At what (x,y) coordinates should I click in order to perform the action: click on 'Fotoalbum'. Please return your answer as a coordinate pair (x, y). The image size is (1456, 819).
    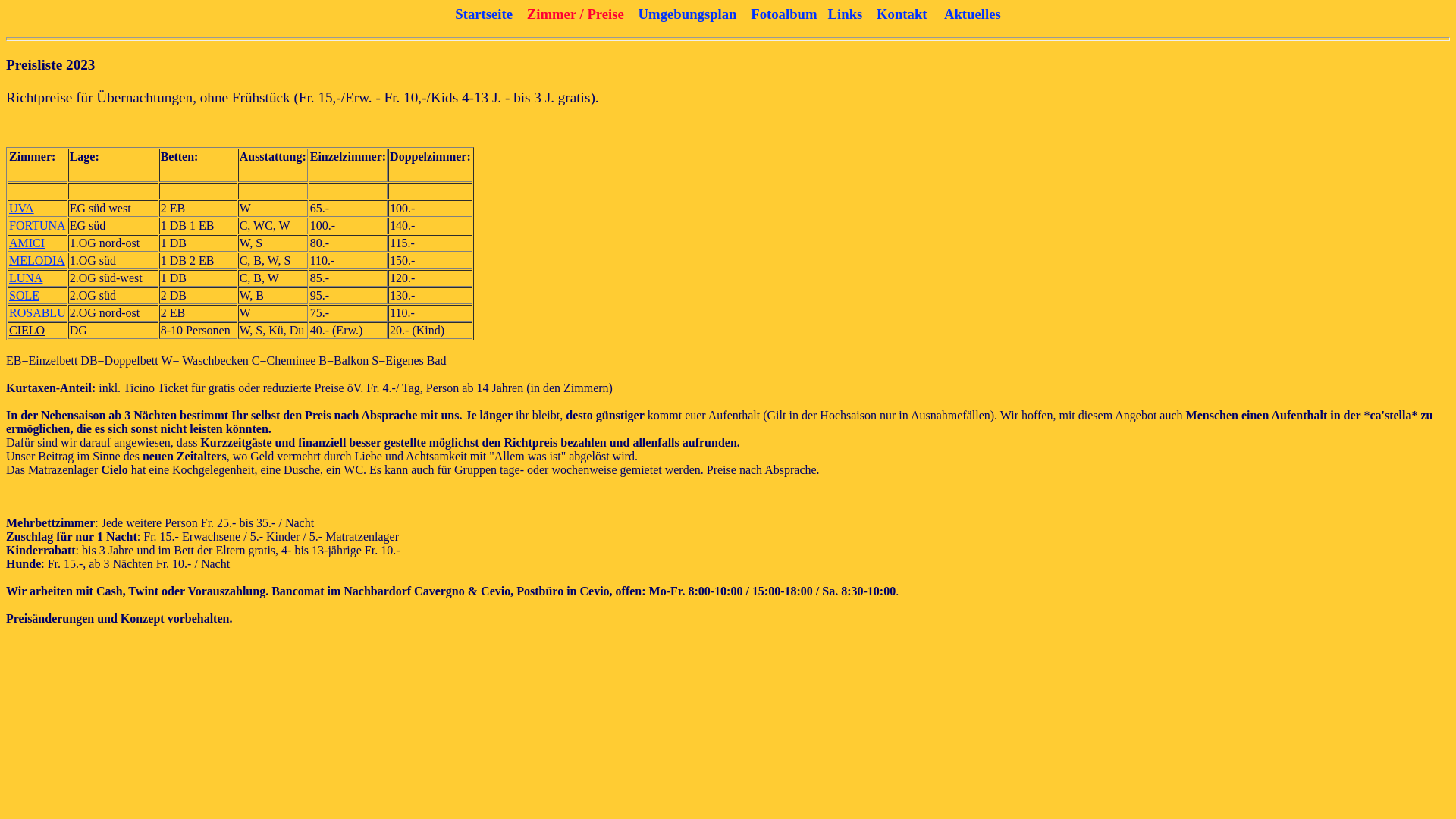
    Looking at the image, I should click on (783, 14).